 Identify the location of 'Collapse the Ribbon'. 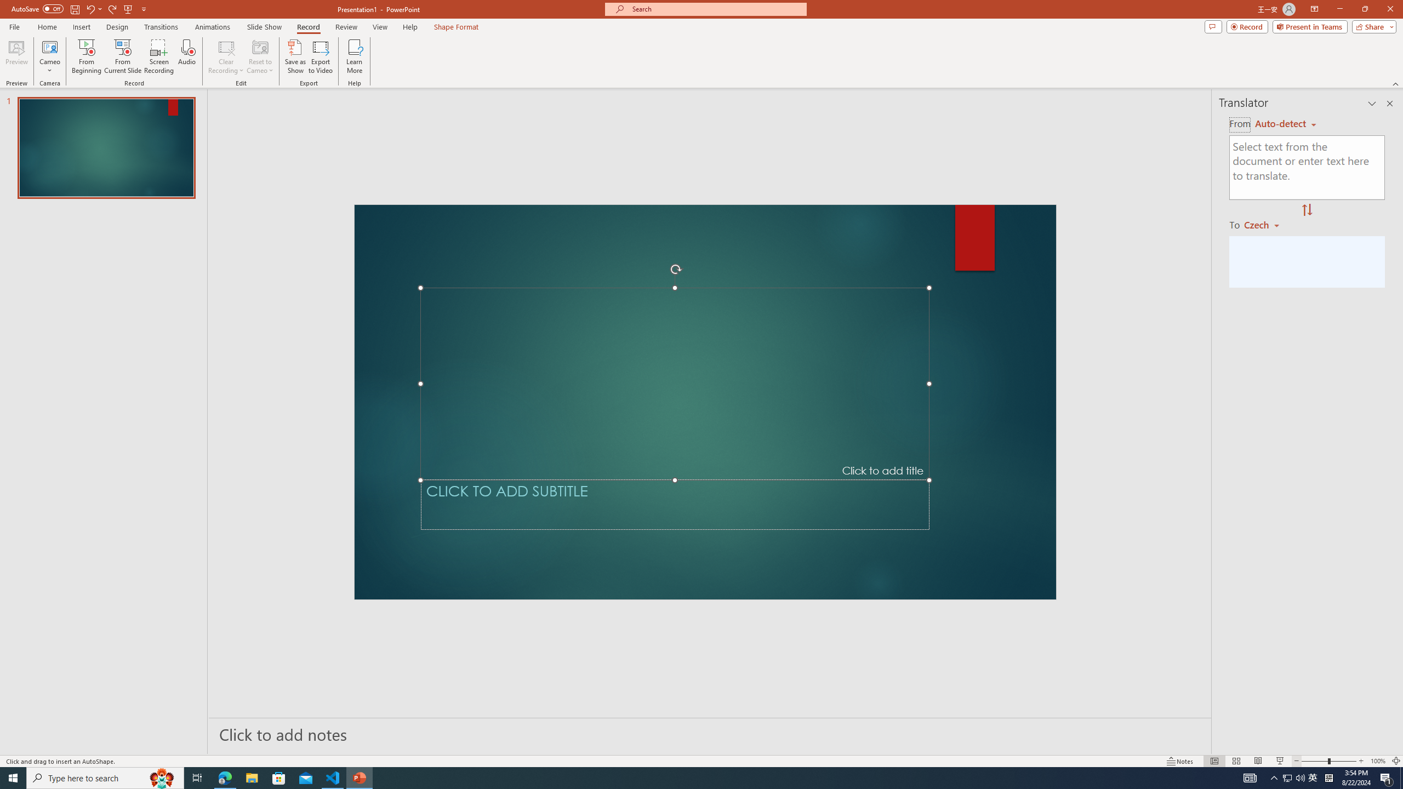
(1396, 84).